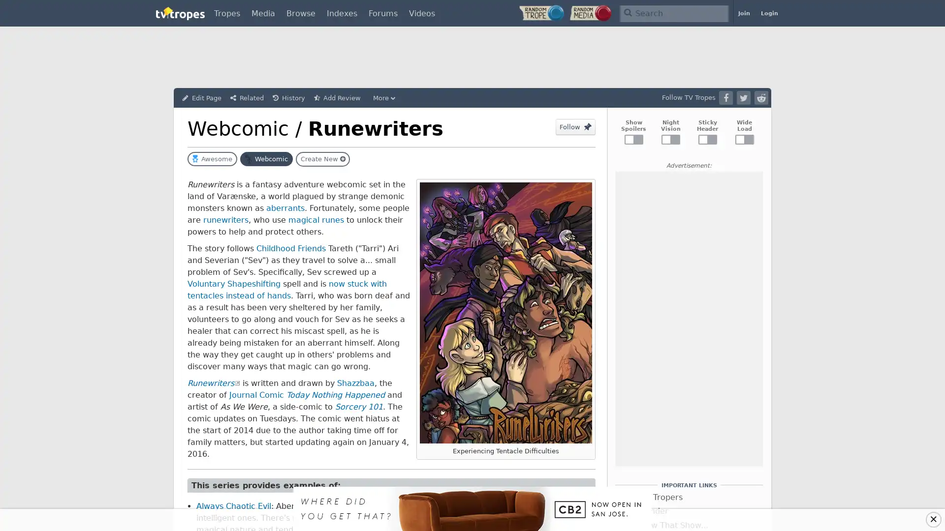 The width and height of the screenshot is (945, 531). What do you see at coordinates (323, 159) in the screenshot?
I see `Create New` at bounding box center [323, 159].